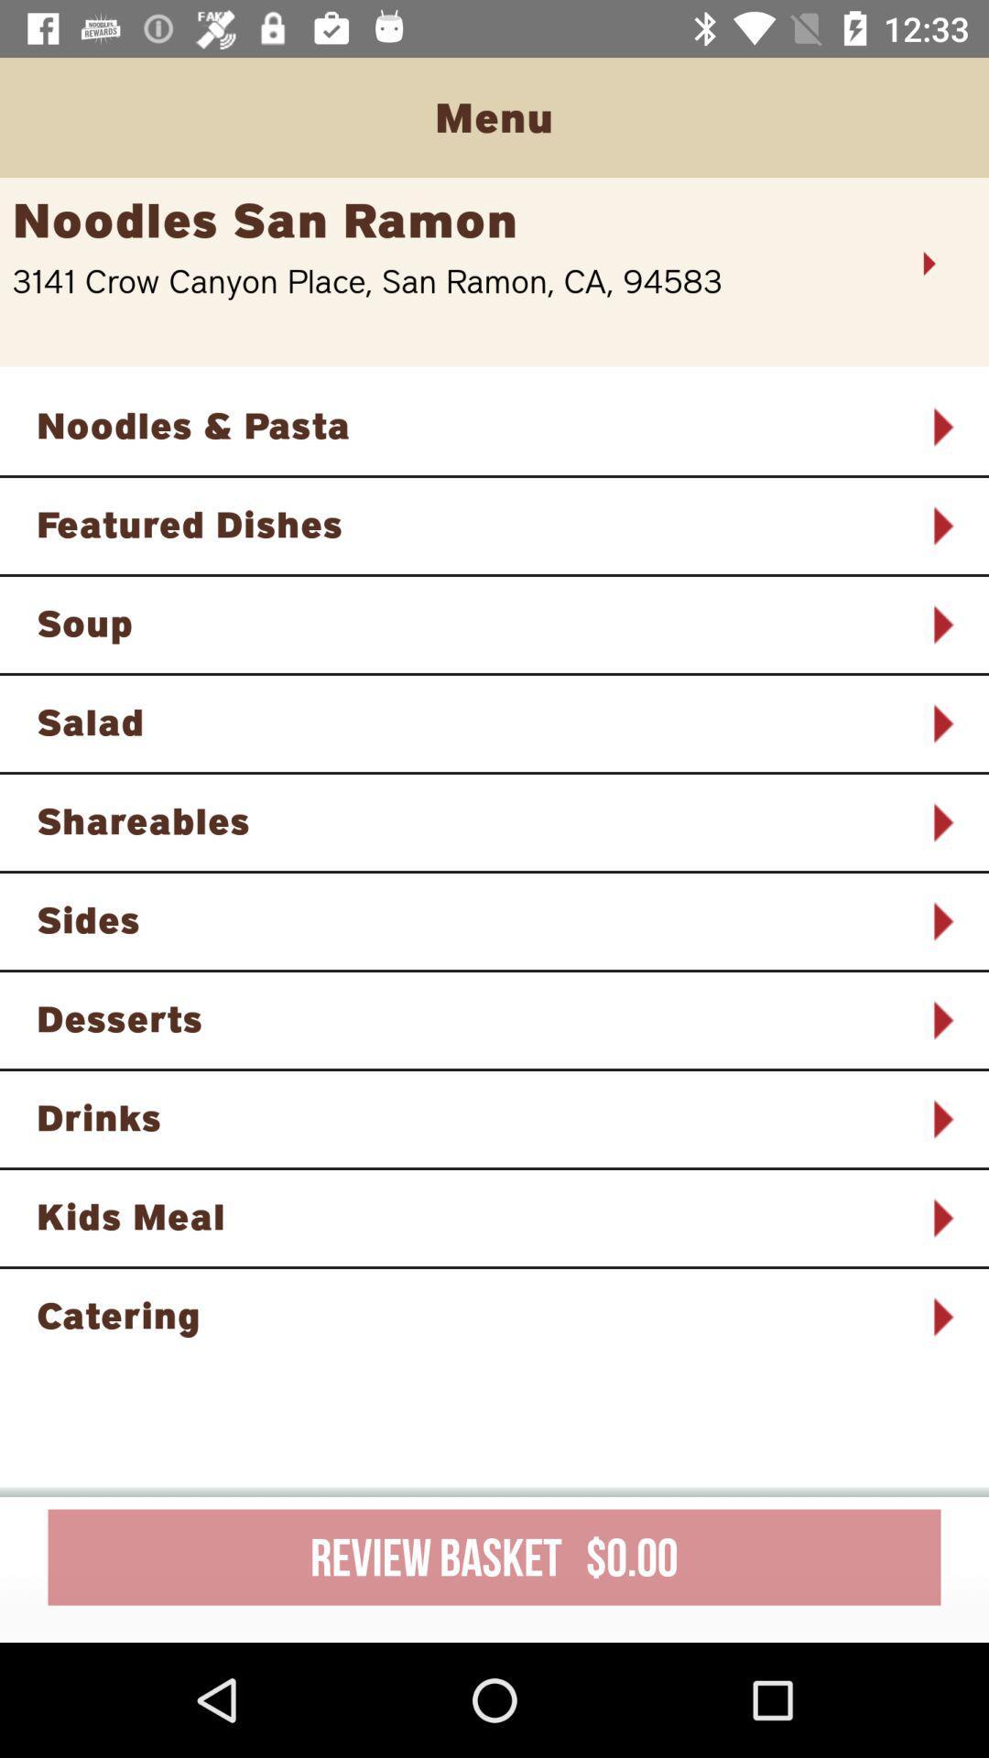 The width and height of the screenshot is (989, 1758). Describe the element at coordinates (941, 821) in the screenshot. I see `item next to shareables` at that location.